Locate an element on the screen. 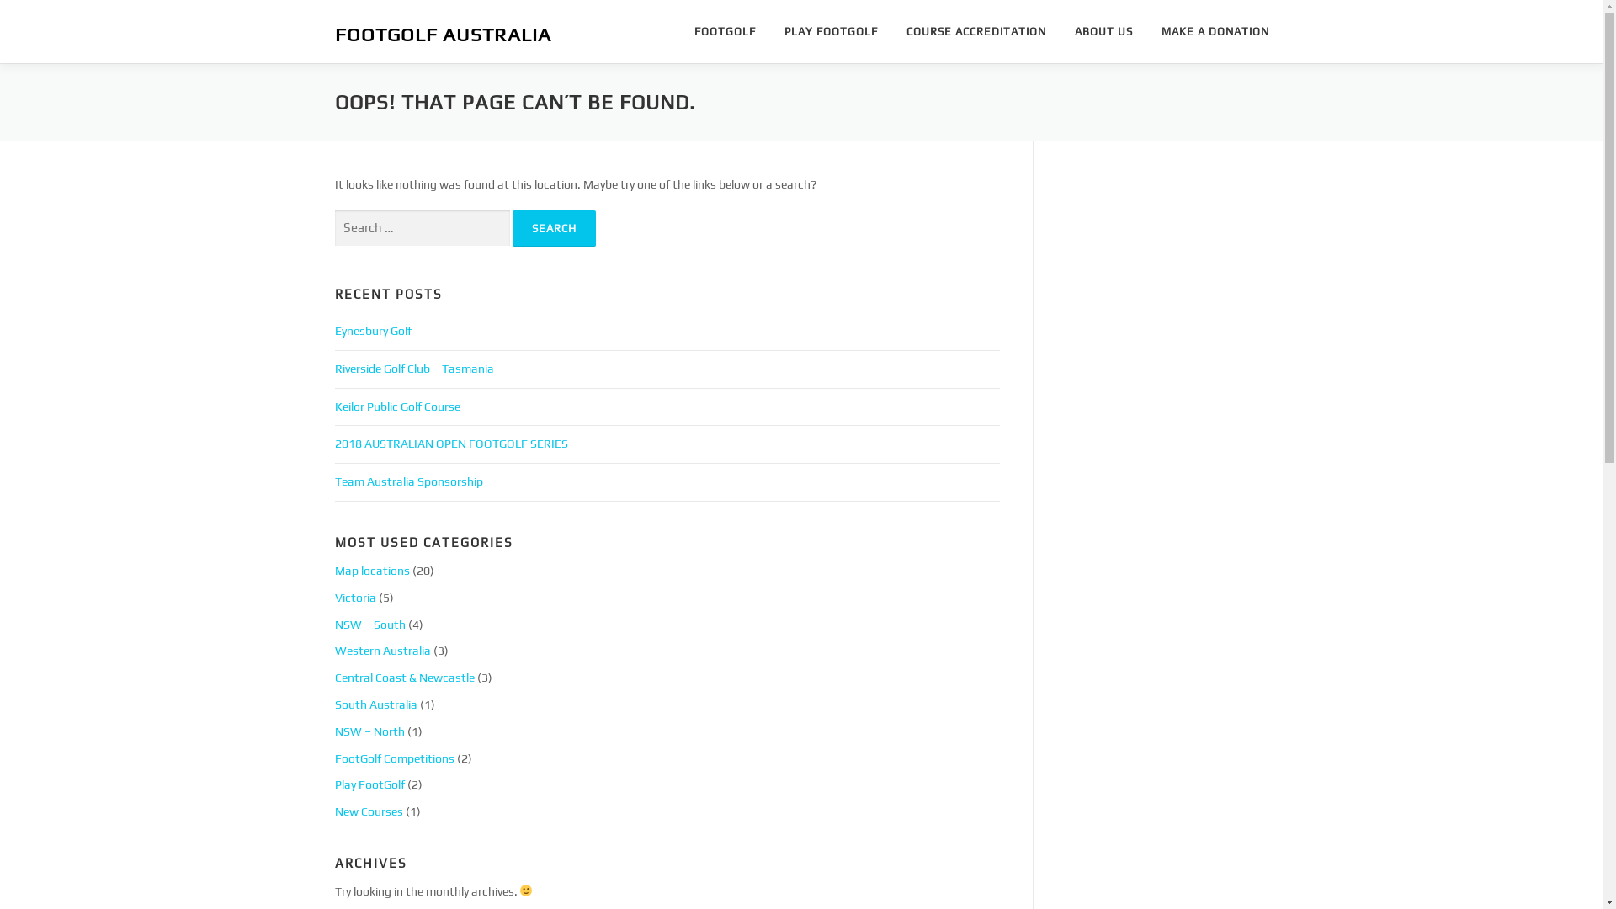 This screenshot has width=1616, height=909. 'FOOTGOLF' is located at coordinates (725, 31).